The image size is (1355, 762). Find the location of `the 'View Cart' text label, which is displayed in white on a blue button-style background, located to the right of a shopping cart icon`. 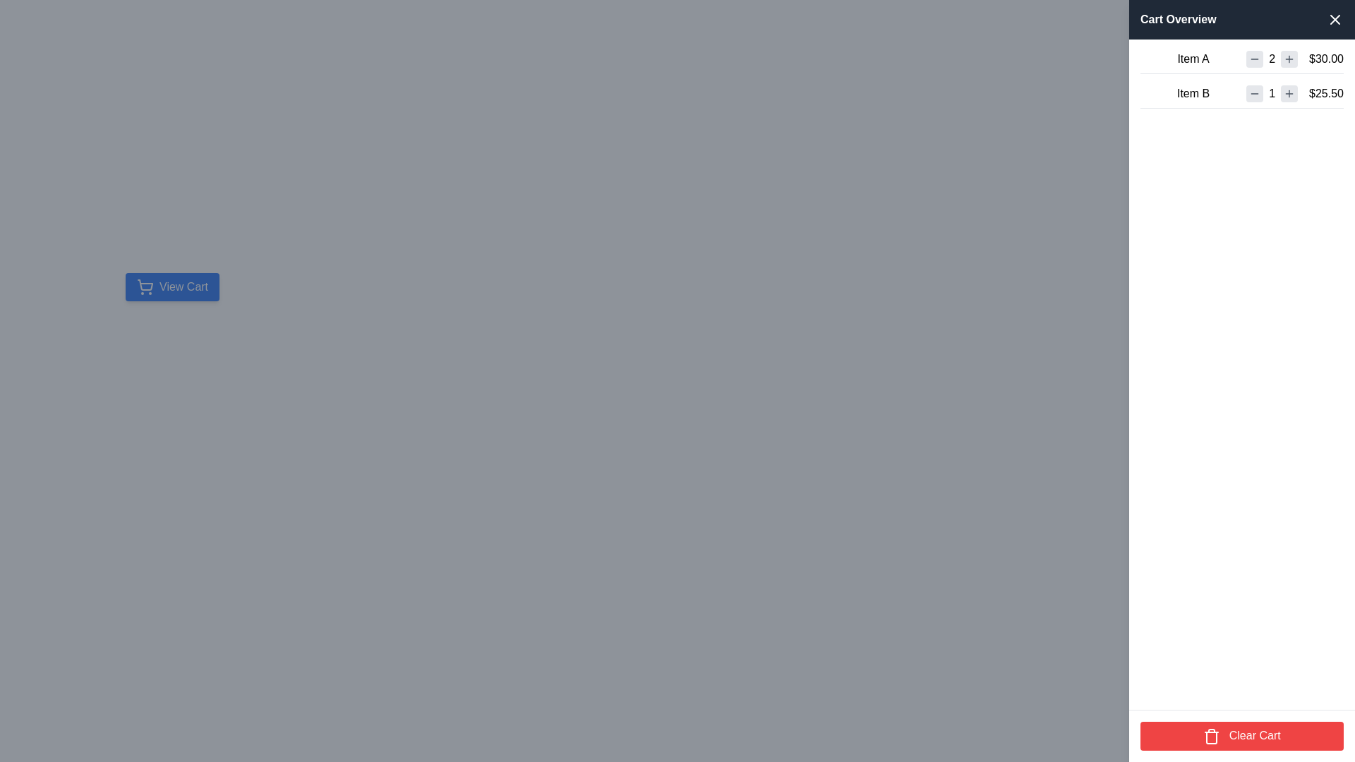

the 'View Cart' text label, which is displayed in white on a blue button-style background, located to the right of a shopping cart icon is located at coordinates (183, 286).